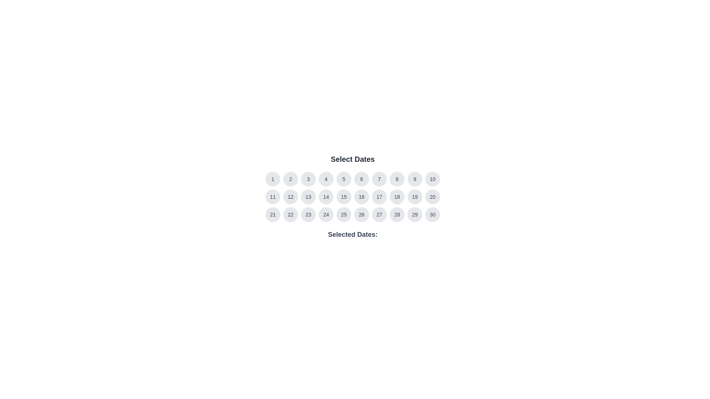  I want to click on the button displaying the number '29' in a circular layout below 'Select Dates', so click(415, 215).